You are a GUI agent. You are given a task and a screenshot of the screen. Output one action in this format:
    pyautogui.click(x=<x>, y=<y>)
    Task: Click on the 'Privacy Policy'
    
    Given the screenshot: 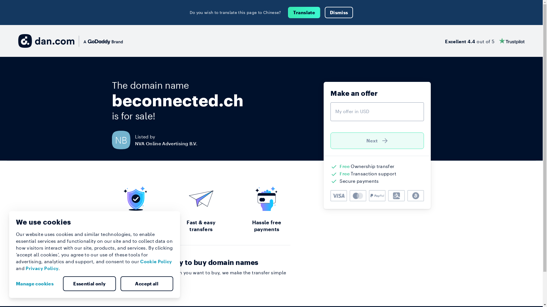 What is the action you would take?
    pyautogui.click(x=42, y=268)
    